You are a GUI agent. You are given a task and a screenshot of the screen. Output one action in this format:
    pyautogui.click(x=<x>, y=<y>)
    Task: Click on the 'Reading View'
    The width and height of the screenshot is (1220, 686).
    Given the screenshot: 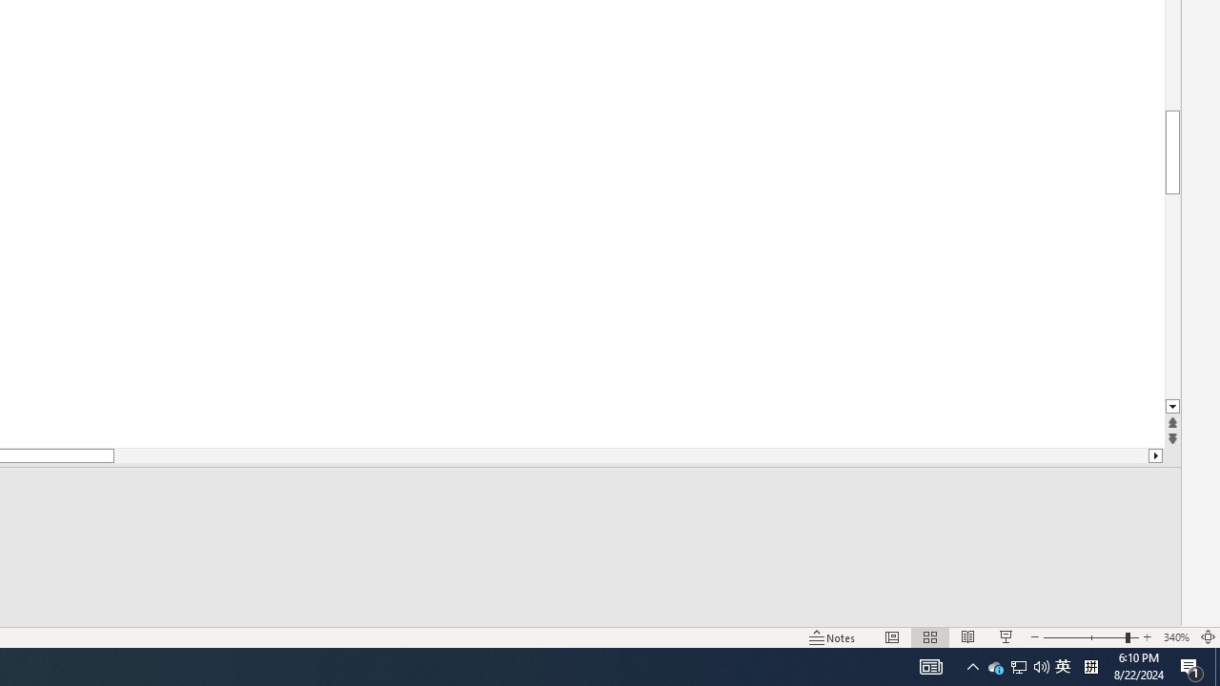 What is the action you would take?
    pyautogui.click(x=967, y=637)
    